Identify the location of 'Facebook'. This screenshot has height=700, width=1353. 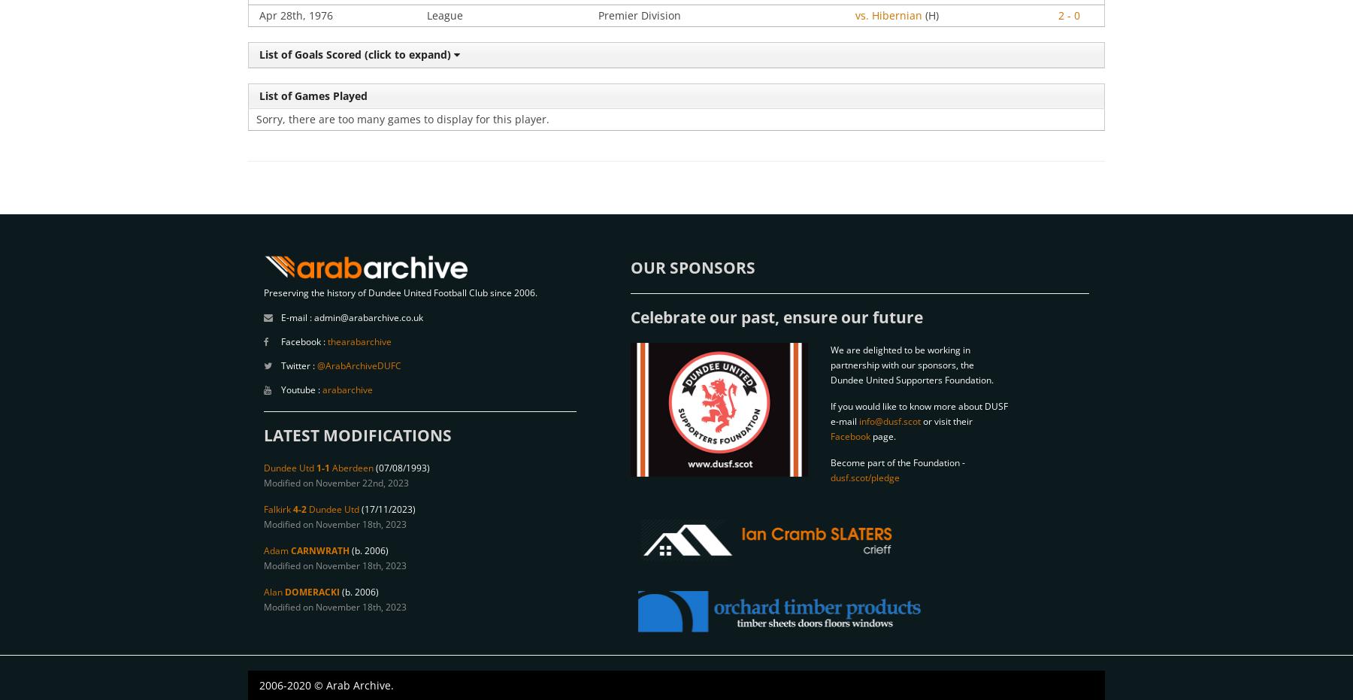
(831, 435).